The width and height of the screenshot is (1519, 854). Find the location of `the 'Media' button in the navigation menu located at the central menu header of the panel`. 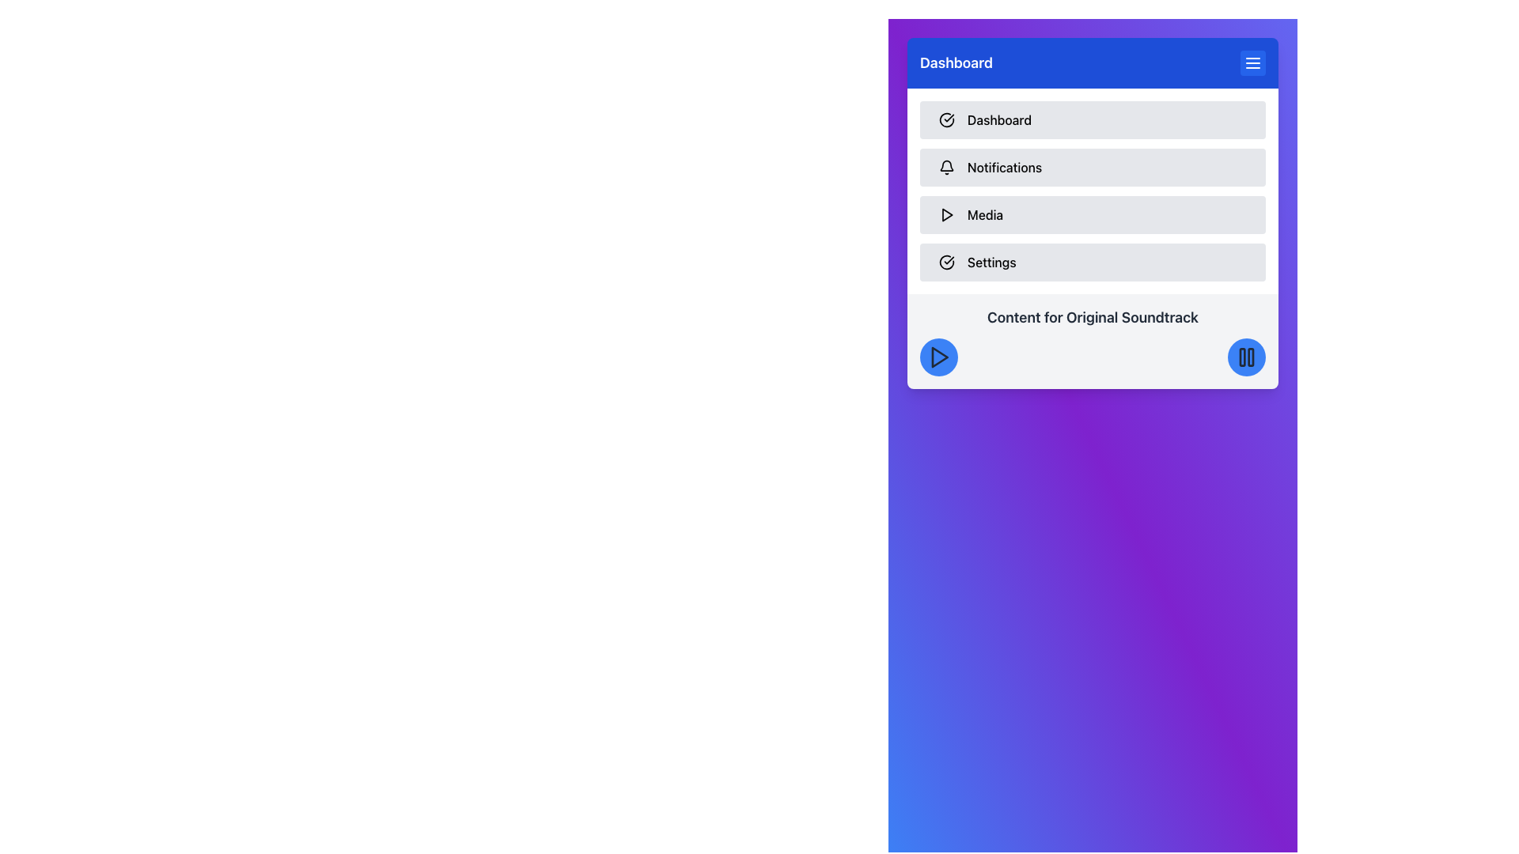

the 'Media' button in the navigation menu located at the central menu header of the panel is located at coordinates (1092, 191).